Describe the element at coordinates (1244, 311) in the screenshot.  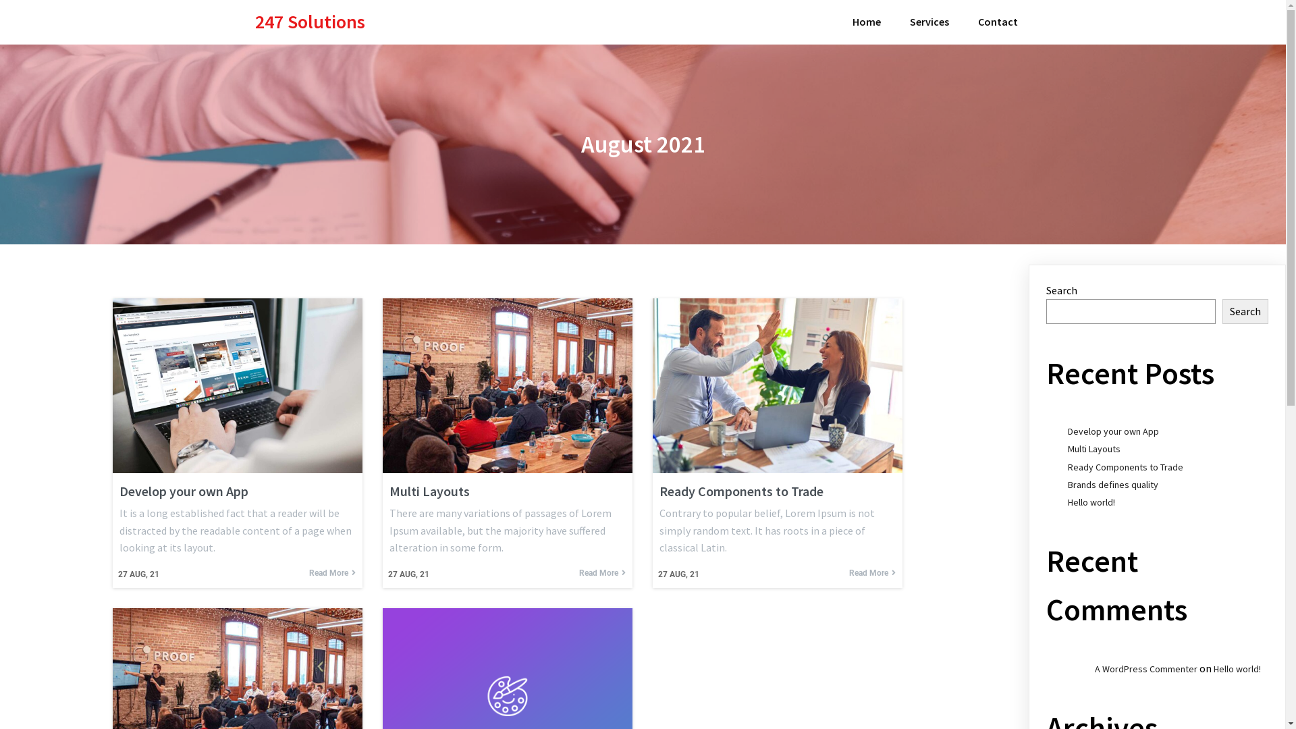
I see `'Search'` at that location.